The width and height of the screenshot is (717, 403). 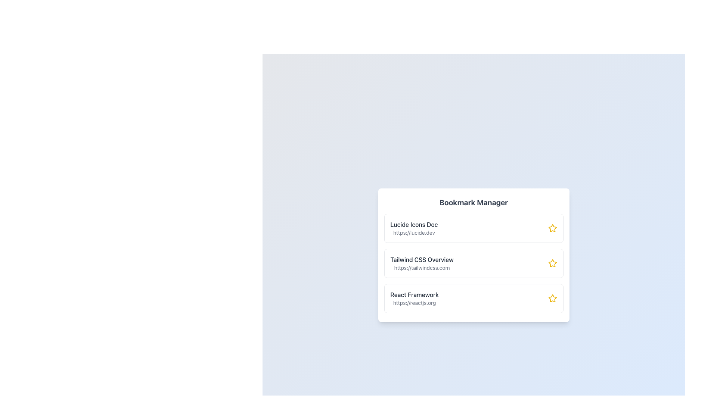 What do you see at coordinates (552, 263) in the screenshot?
I see `the star icon located to the right of the text 'Tailwind CSS Overview' in the second card of the Bookmark Manager` at bounding box center [552, 263].